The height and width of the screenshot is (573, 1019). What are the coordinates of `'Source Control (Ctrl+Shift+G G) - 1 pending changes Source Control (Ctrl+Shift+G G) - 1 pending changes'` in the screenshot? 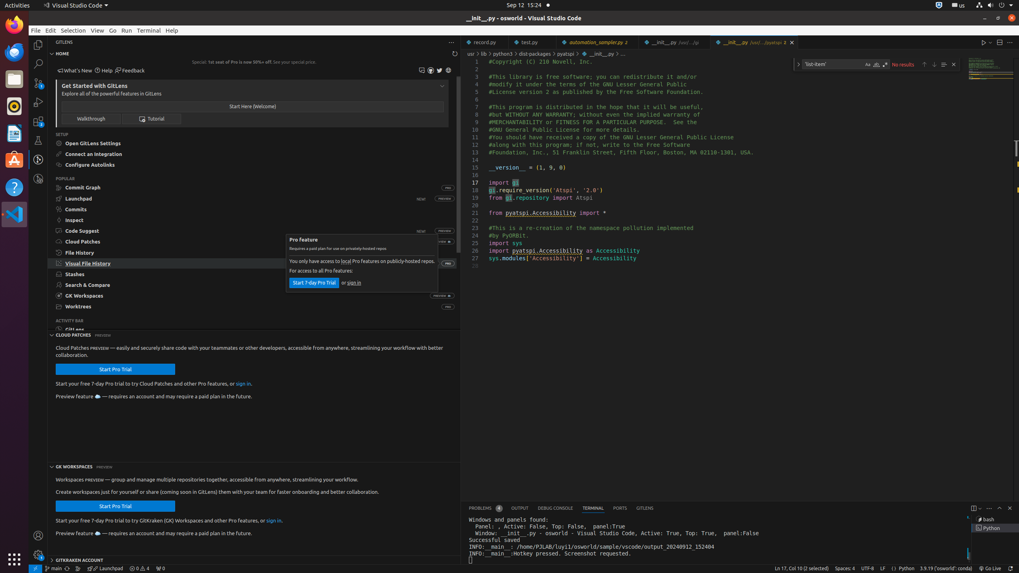 It's located at (38, 82).